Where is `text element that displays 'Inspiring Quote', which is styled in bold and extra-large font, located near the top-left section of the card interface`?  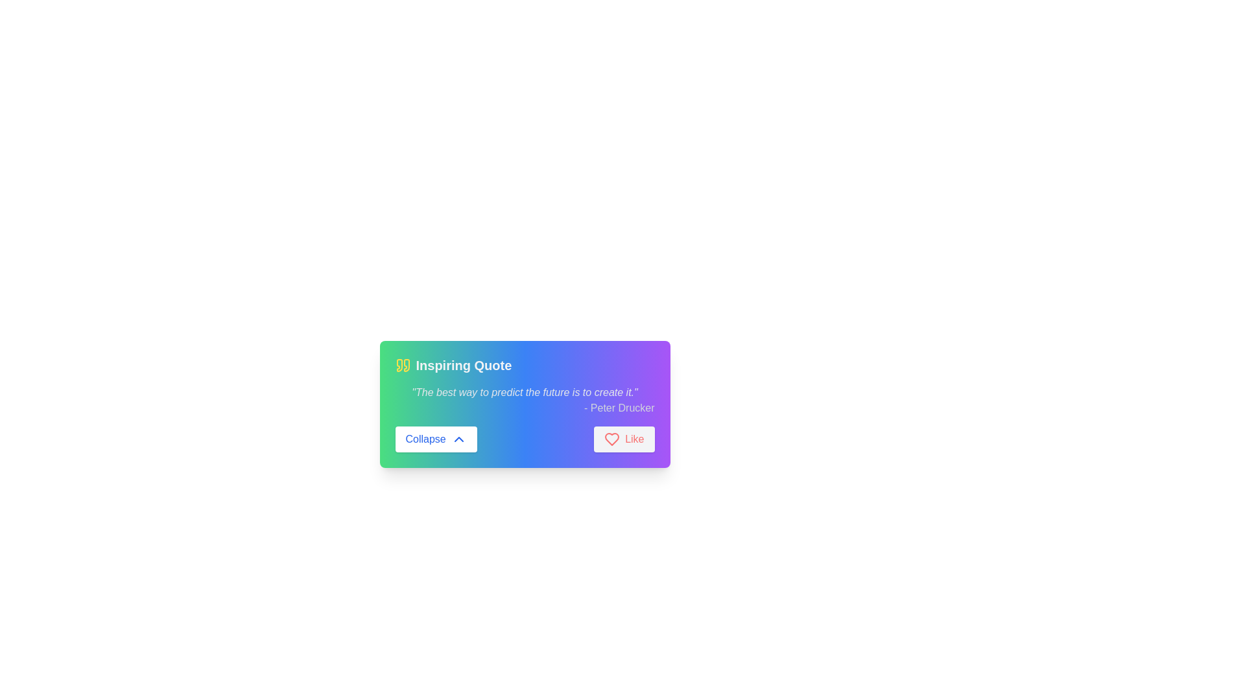 text element that displays 'Inspiring Quote', which is styled in bold and extra-large font, located near the top-left section of the card interface is located at coordinates (464, 365).